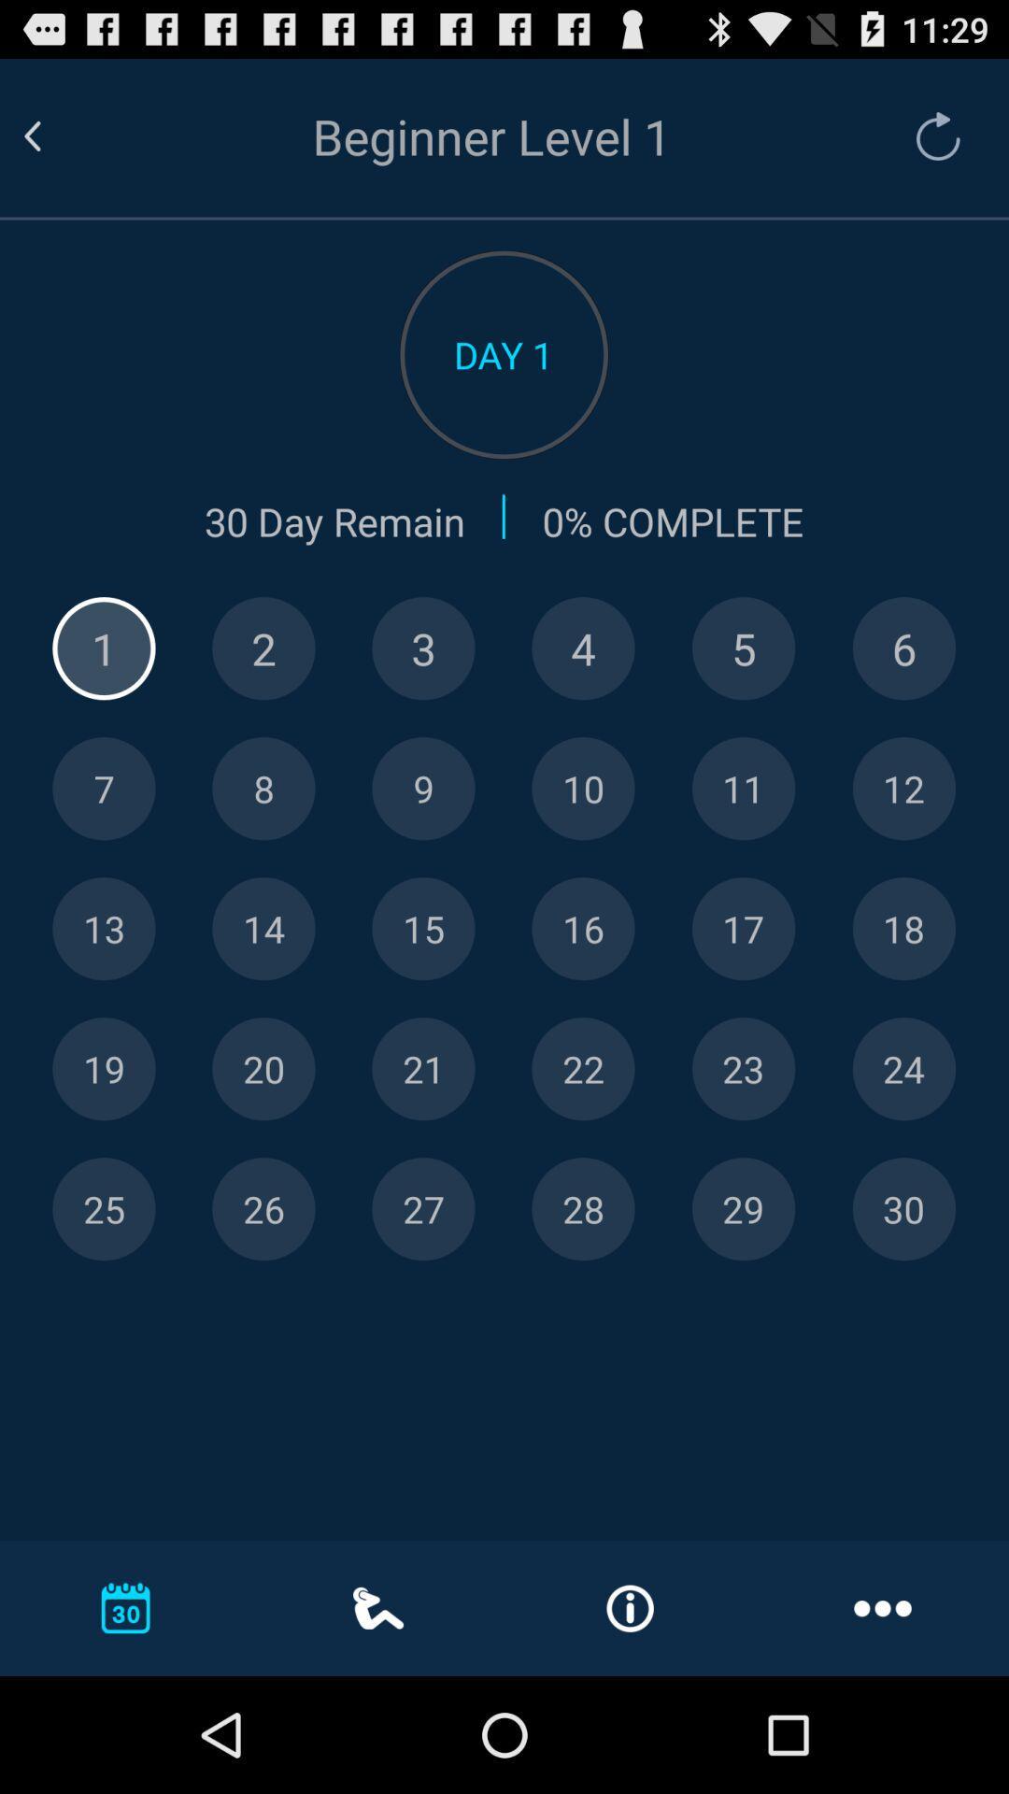  What do you see at coordinates (263, 1209) in the screenshot?
I see `26th day` at bounding box center [263, 1209].